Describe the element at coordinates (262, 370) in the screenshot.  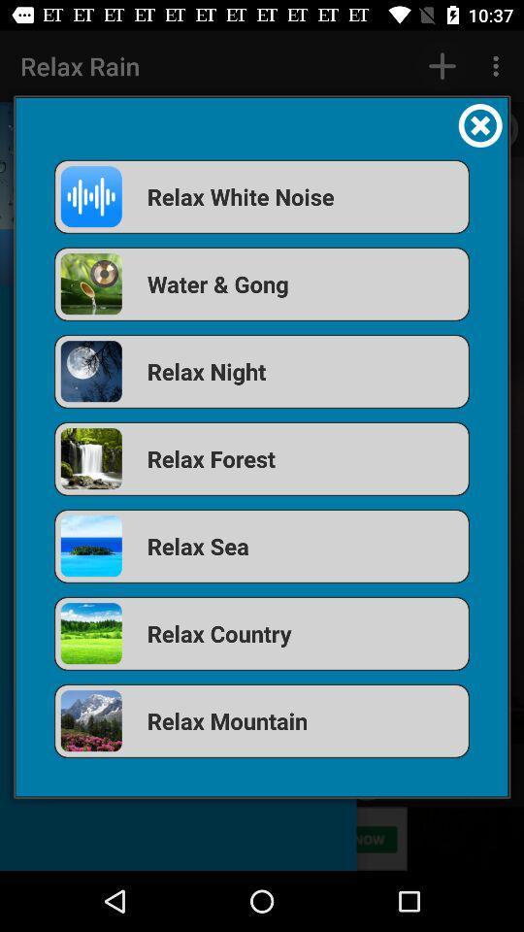
I see `relax night icon` at that location.